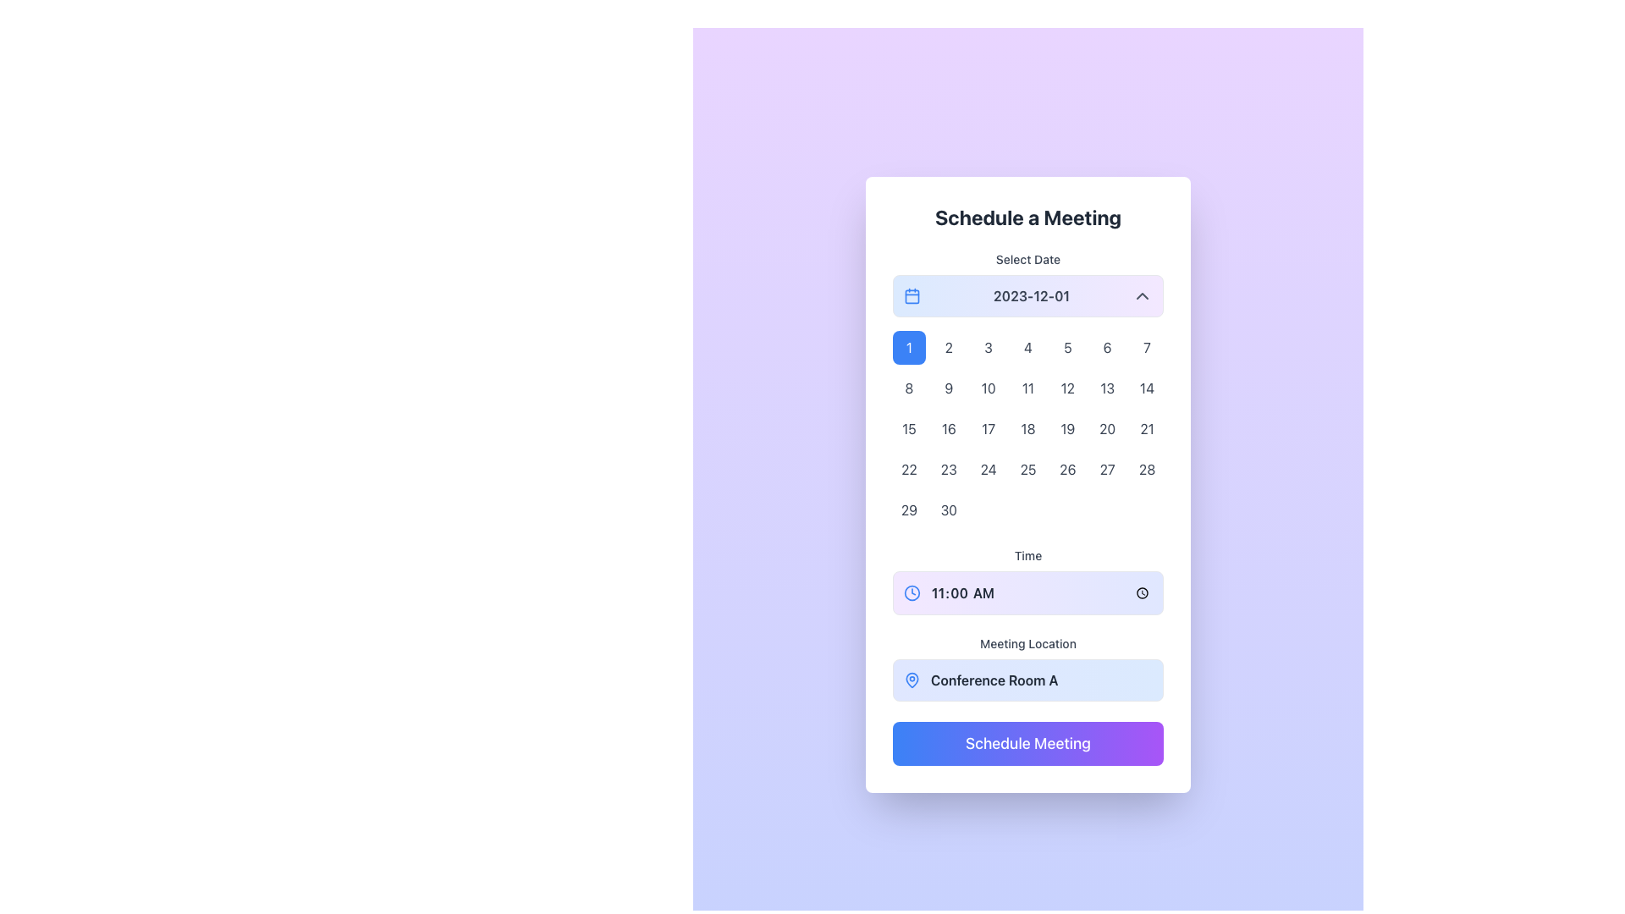 This screenshot has width=1625, height=914. I want to click on the scheduling button located at the bottom of the modal dialog, just below the 'Meeting Location' section, so click(1027, 743).